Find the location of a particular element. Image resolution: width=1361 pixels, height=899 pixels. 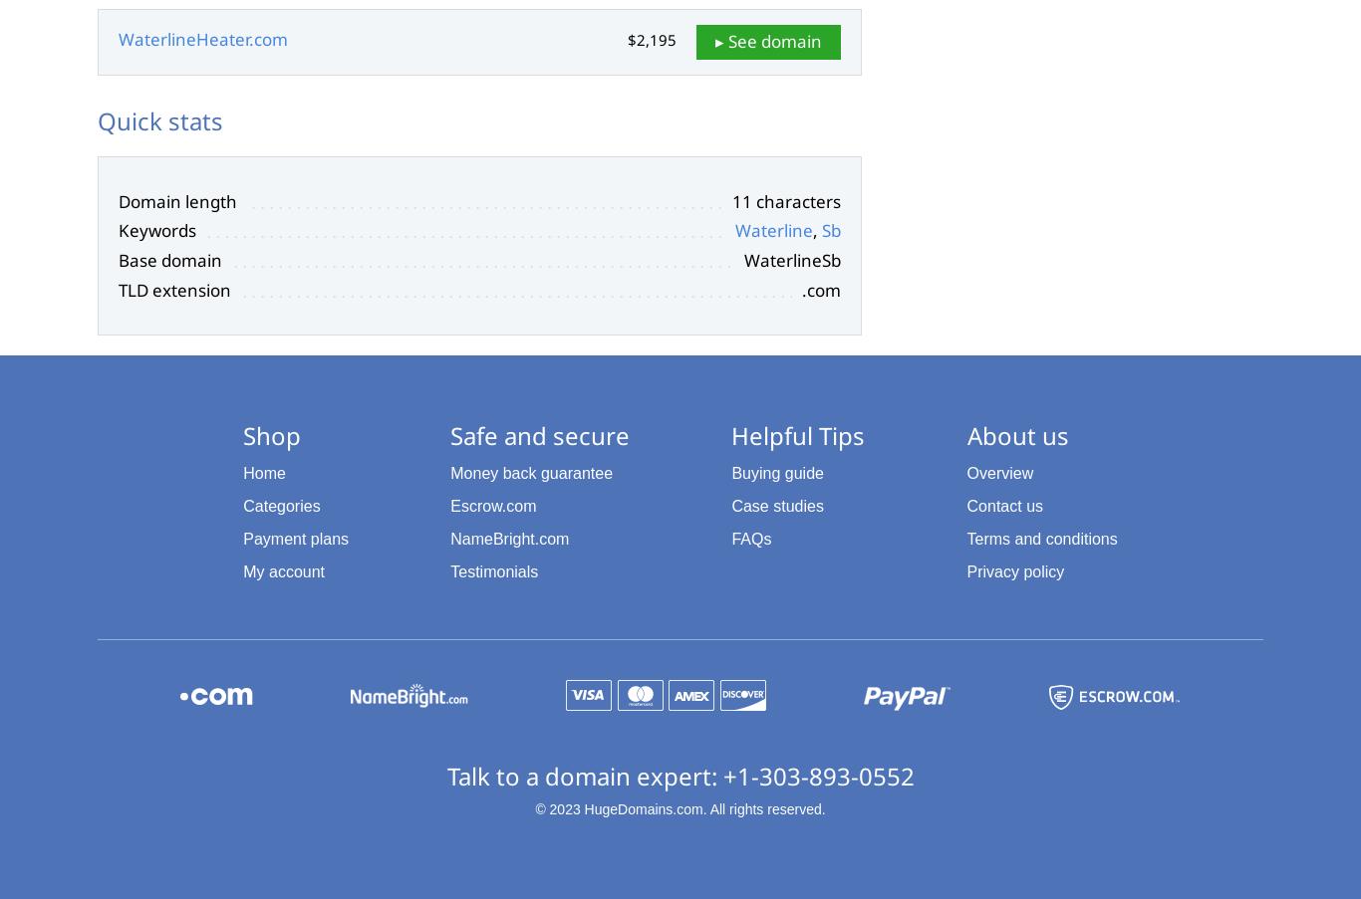

'Terms and conditions' is located at coordinates (1040, 537).